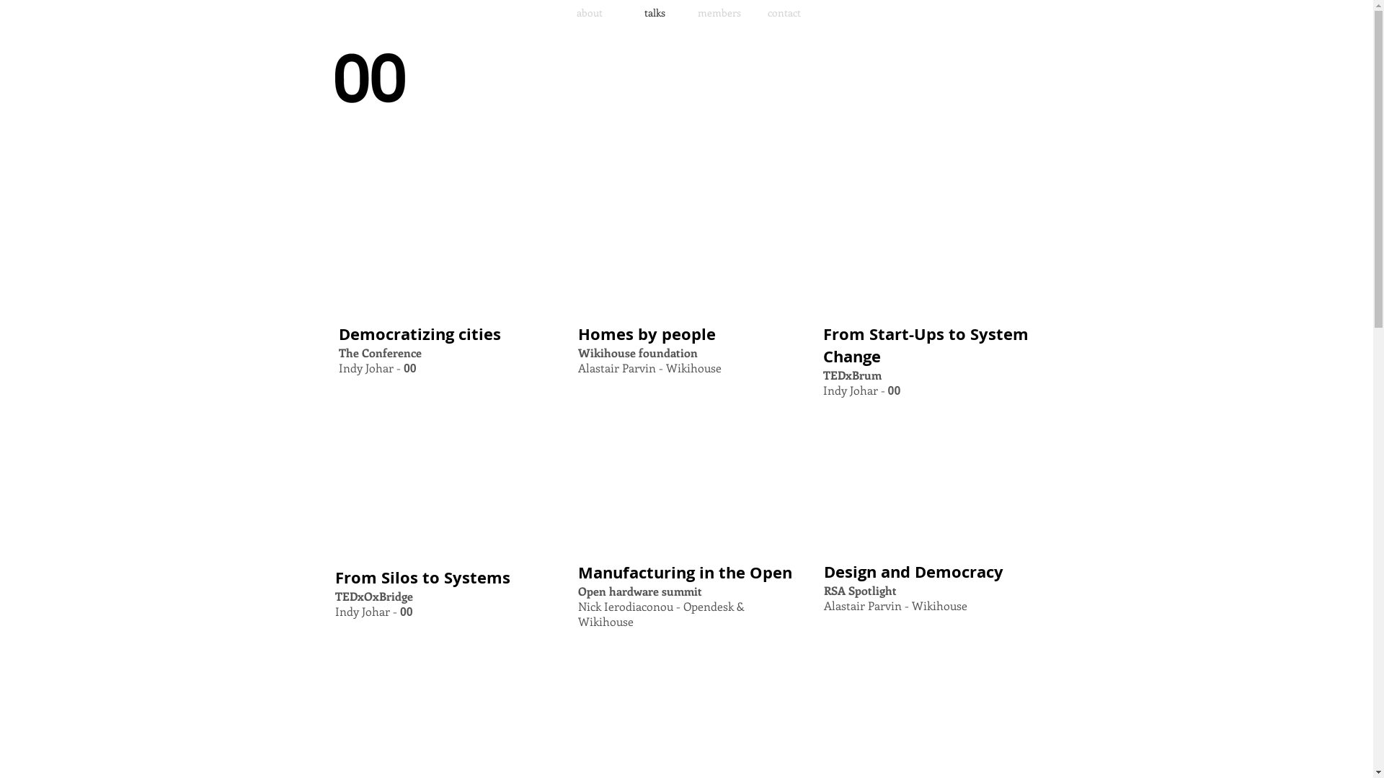 Image resolution: width=1384 pixels, height=778 pixels. What do you see at coordinates (441, 483) in the screenshot?
I see `'External YouTube'` at bounding box center [441, 483].